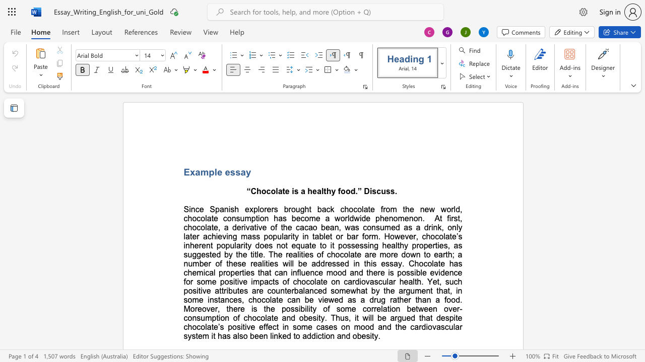 Image resolution: width=645 pixels, height=362 pixels. What do you see at coordinates (282, 191) in the screenshot?
I see `the space between the continuous character "a" and "t" in the text` at bounding box center [282, 191].